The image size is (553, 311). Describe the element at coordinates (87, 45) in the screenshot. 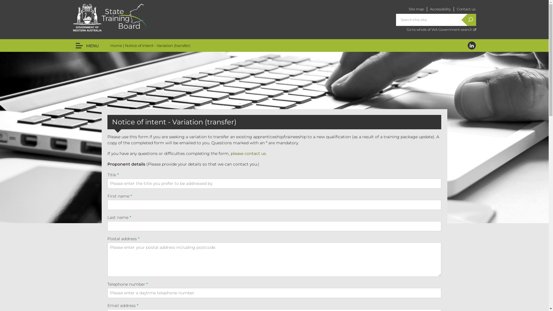

I see `'MENU'` at that location.